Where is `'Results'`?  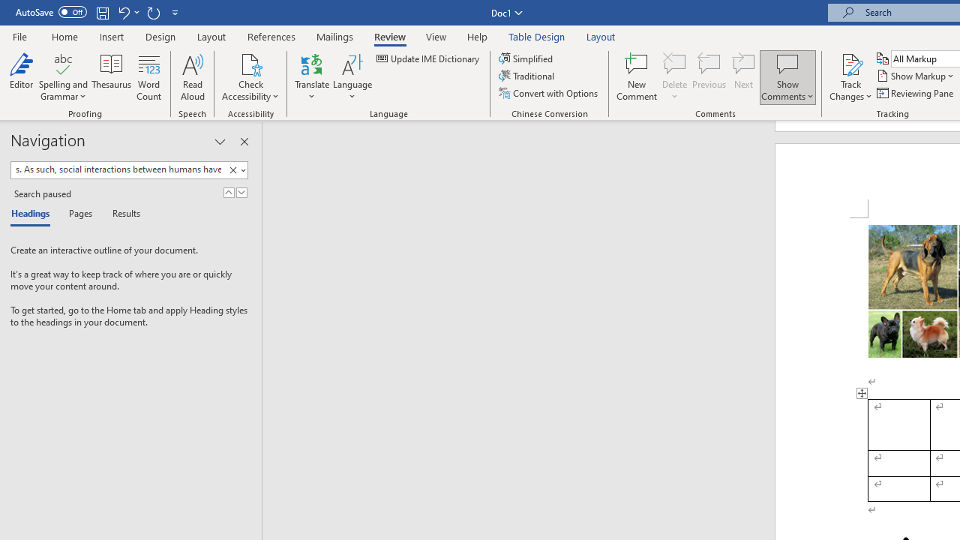 'Results' is located at coordinates (121, 214).